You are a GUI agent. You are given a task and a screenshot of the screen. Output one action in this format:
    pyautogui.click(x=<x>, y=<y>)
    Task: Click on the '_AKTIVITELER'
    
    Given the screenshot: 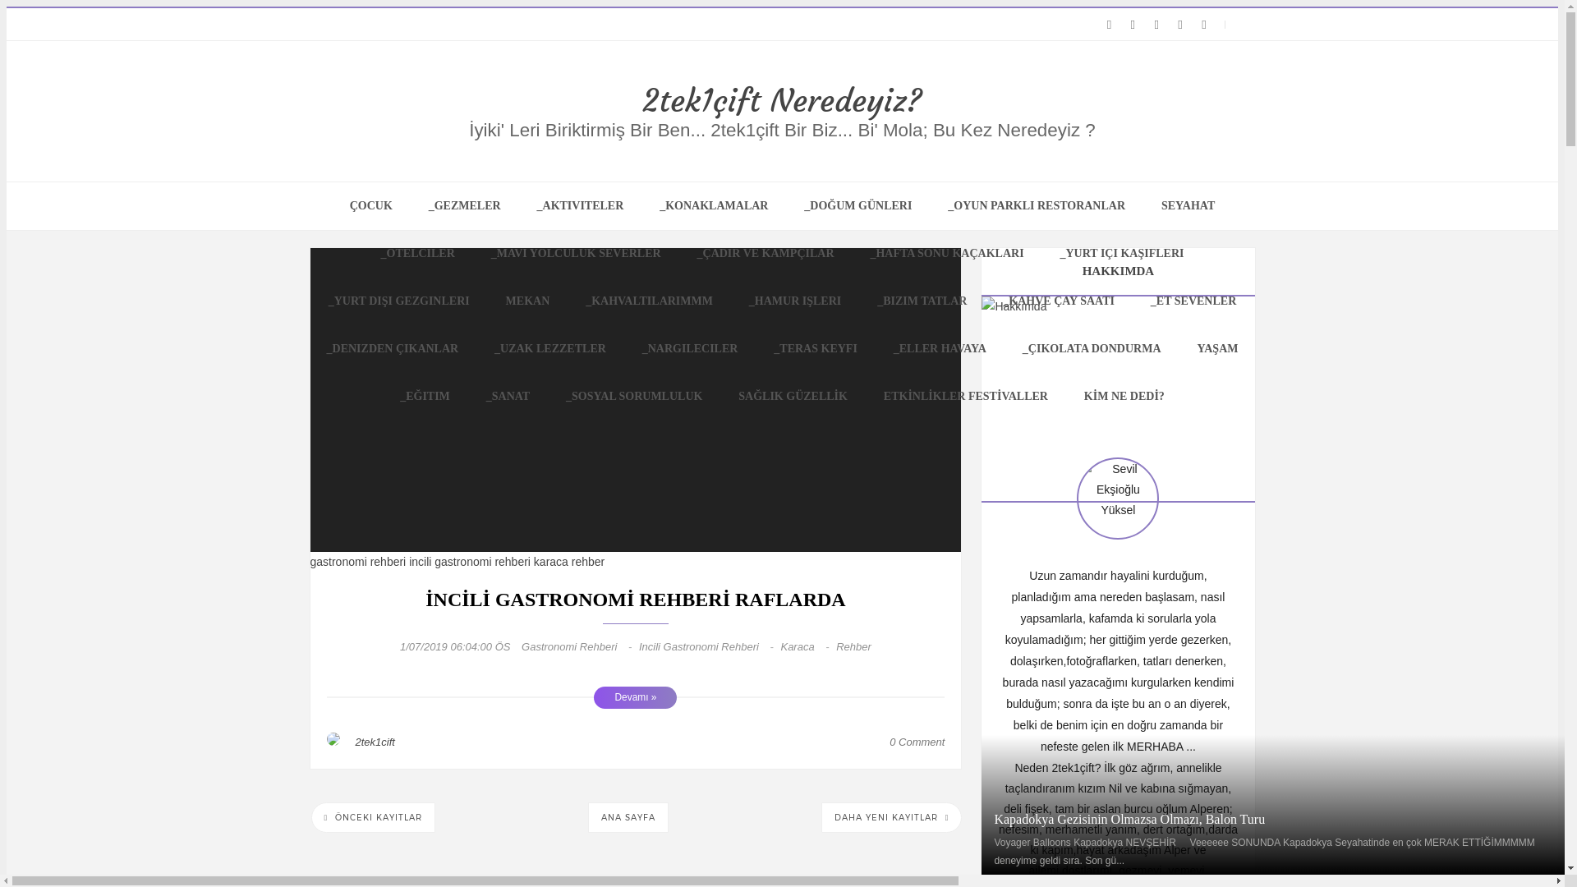 What is the action you would take?
    pyautogui.click(x=519, y=205)
    